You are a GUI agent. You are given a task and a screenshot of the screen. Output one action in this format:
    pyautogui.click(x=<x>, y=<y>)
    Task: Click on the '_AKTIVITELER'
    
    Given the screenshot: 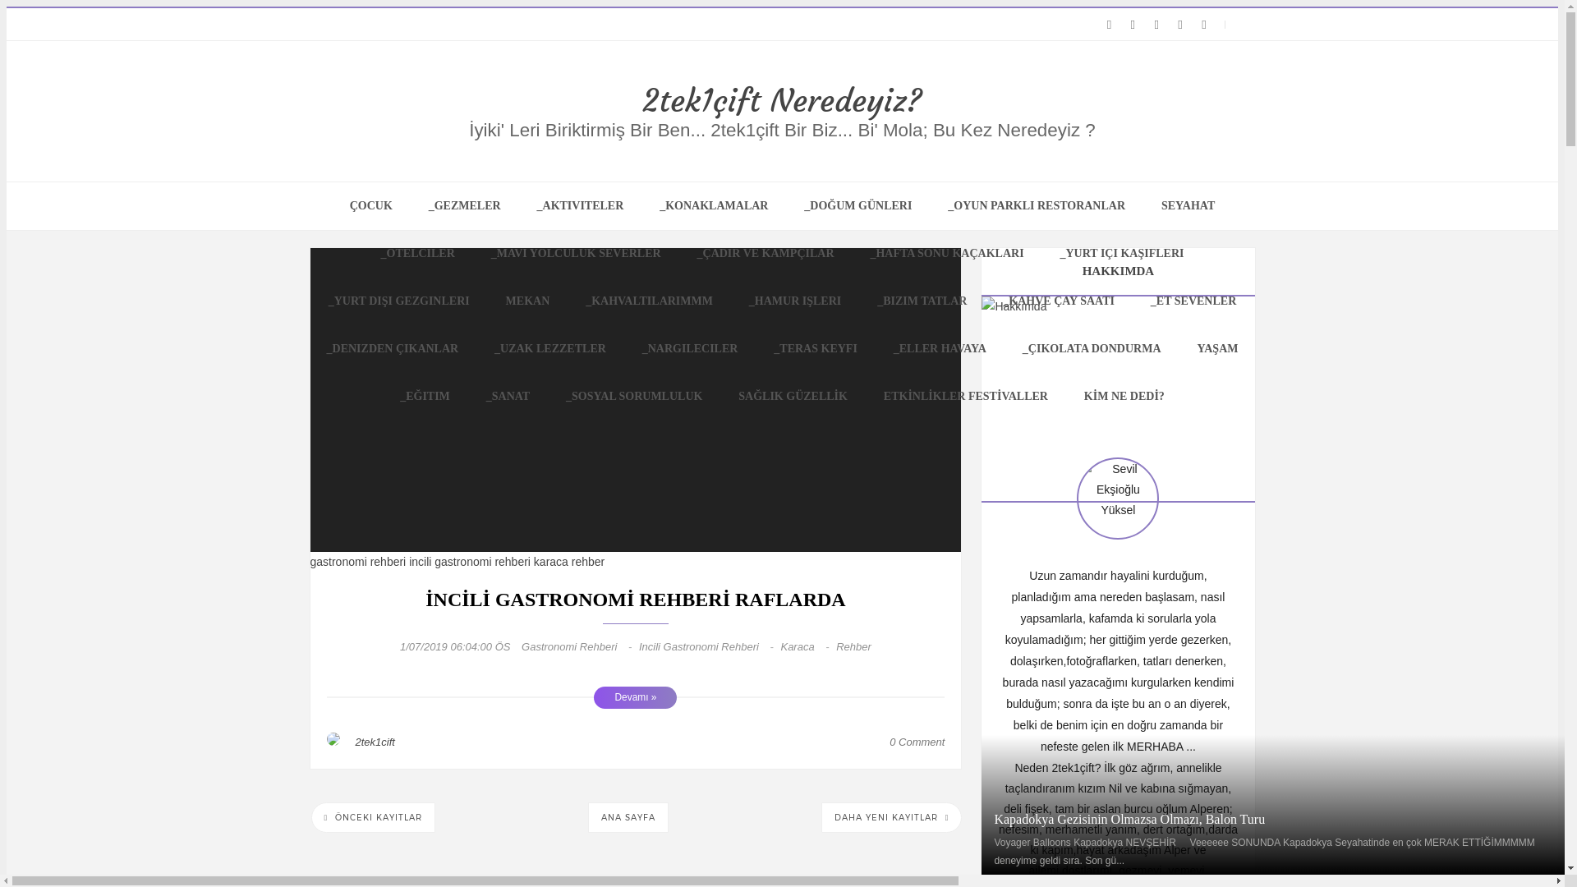 What is the action you would take?
    pyautogui.click(x=519, y=205)
    